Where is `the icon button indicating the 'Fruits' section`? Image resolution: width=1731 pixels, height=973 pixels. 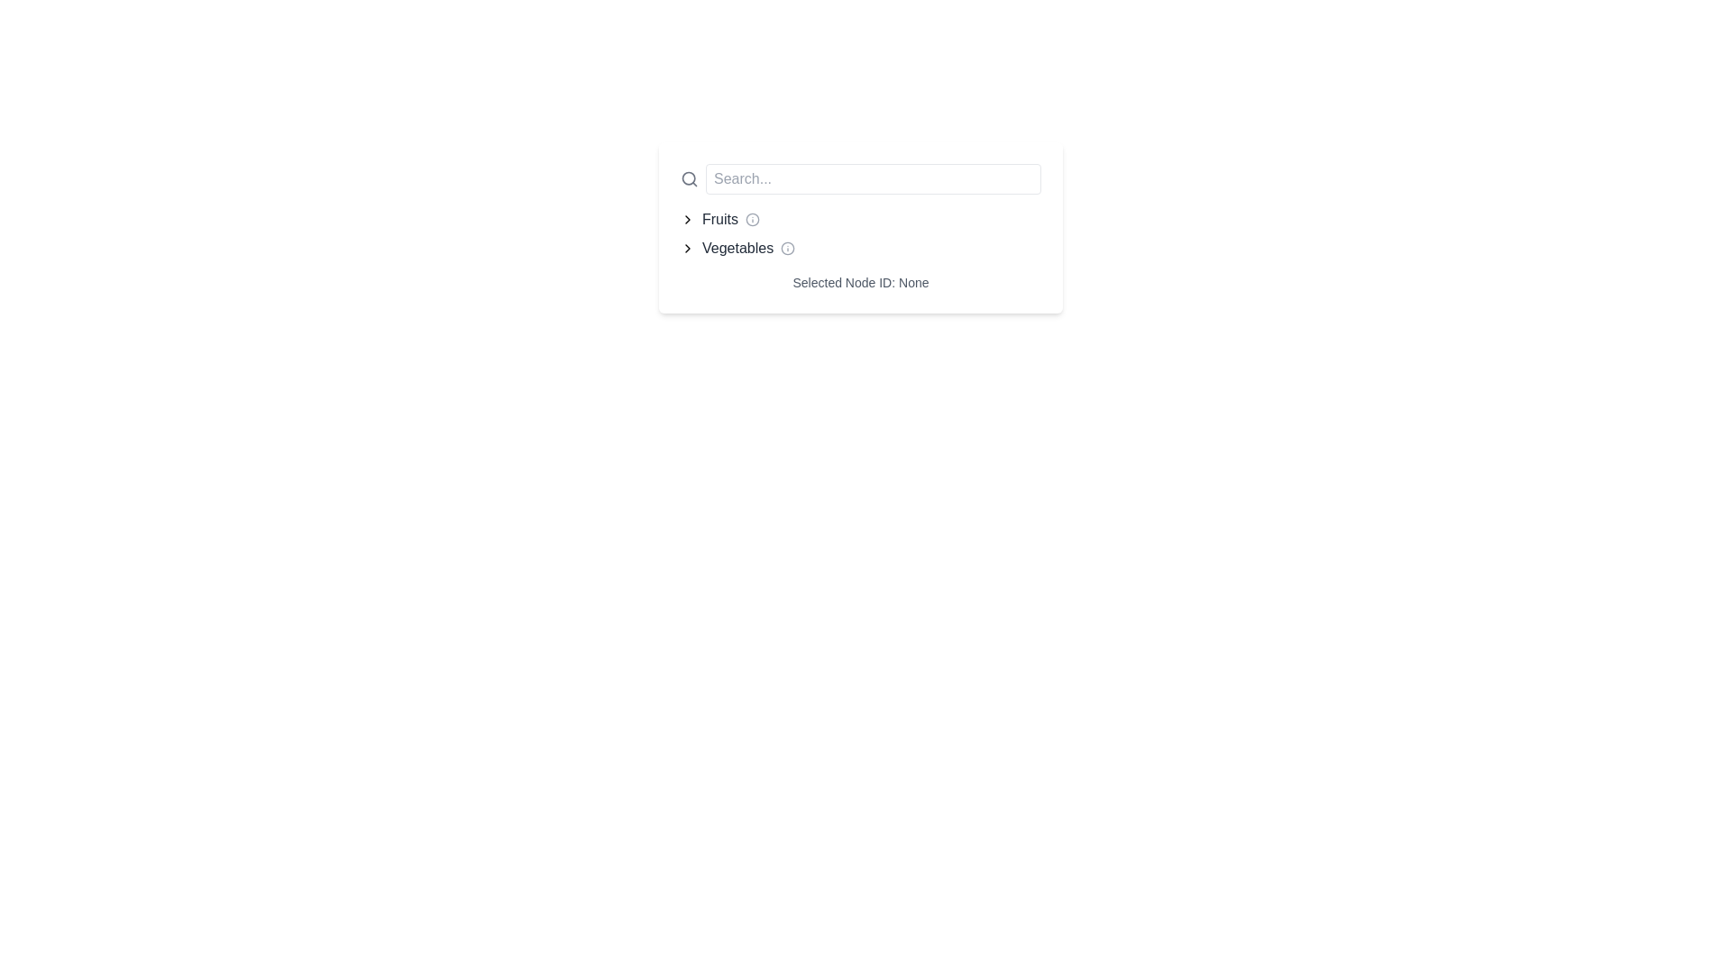
the icon button indicating the 'Fruits' section is located at coordinates (687, 218).